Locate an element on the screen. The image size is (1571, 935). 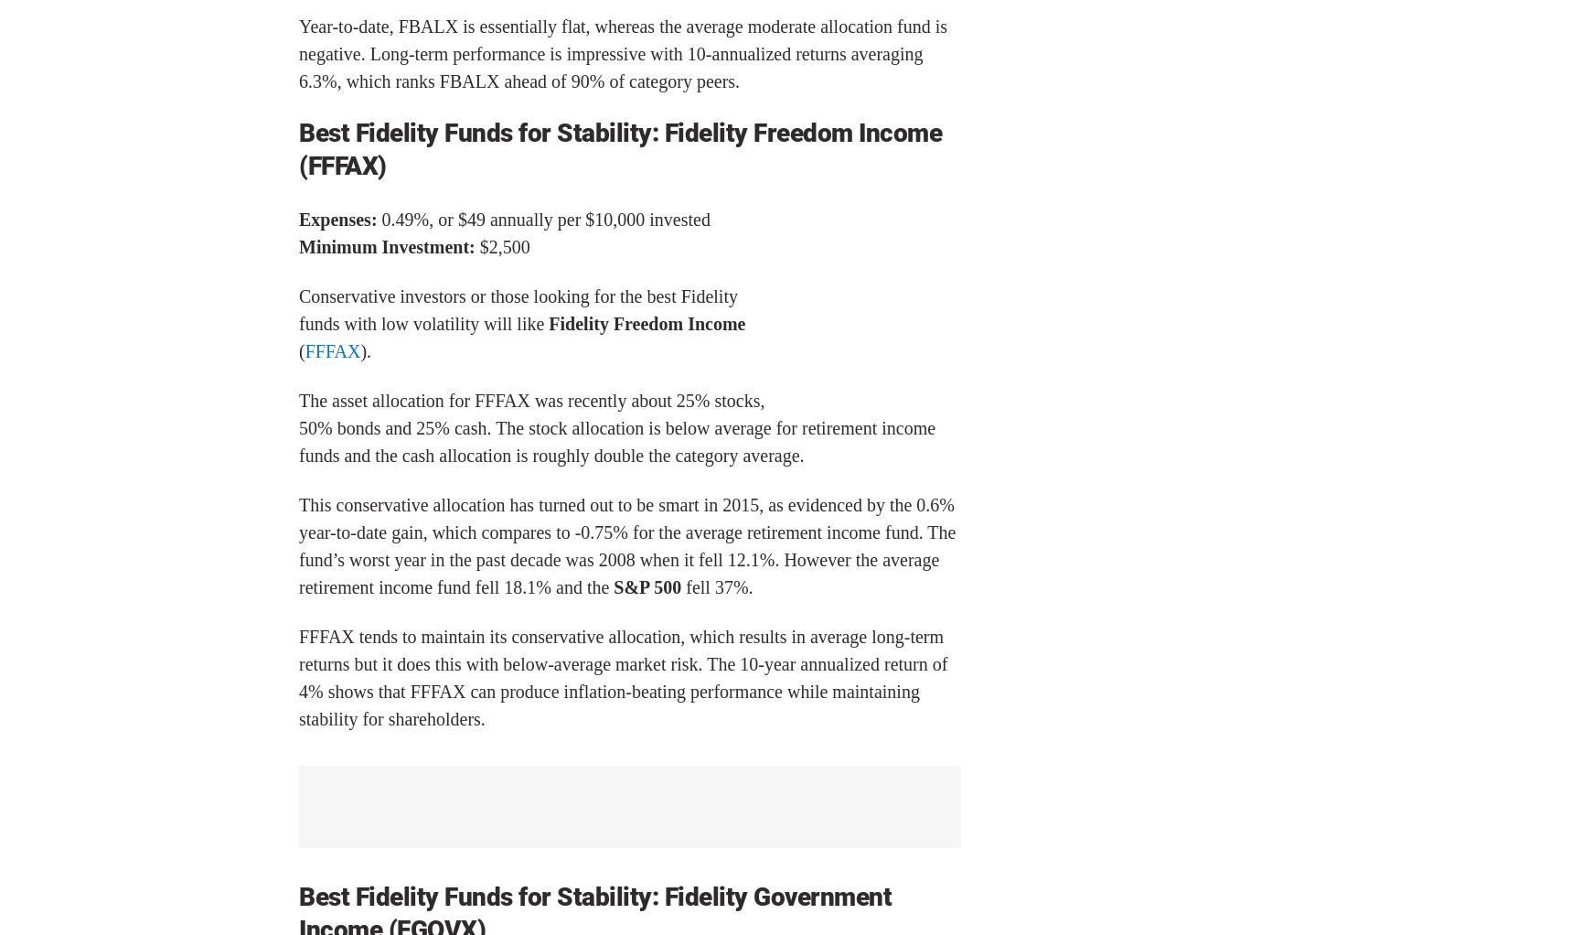
'Conservative investors or those looking for the best Fidelity funds with low volatility will like' is located at coordinates (298, 308).